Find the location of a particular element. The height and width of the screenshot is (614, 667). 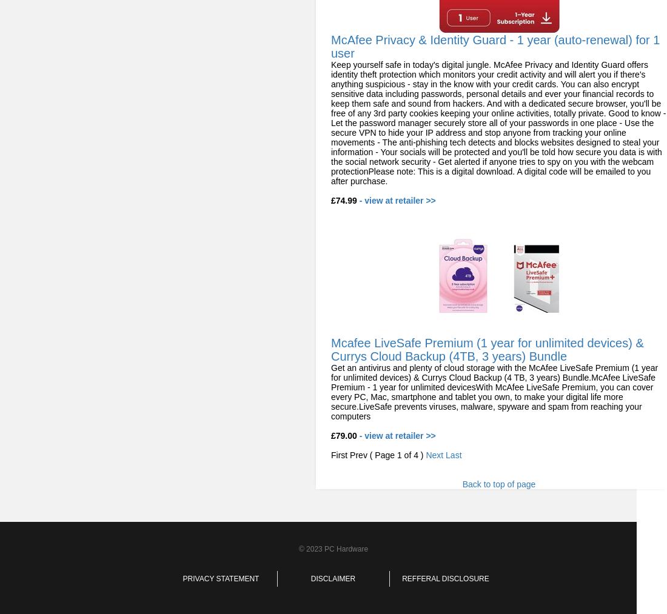

'Last' is located at coordinates (453, 455).